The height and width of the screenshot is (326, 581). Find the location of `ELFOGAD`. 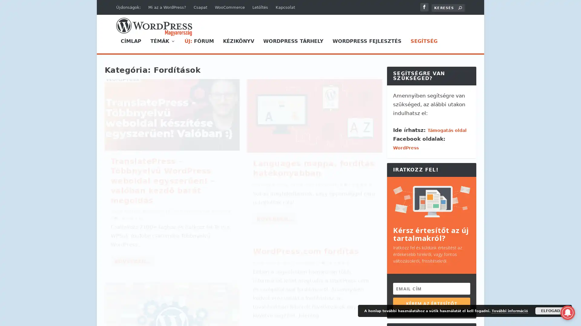

ELFOGAD is located at coordinates (550, 311).